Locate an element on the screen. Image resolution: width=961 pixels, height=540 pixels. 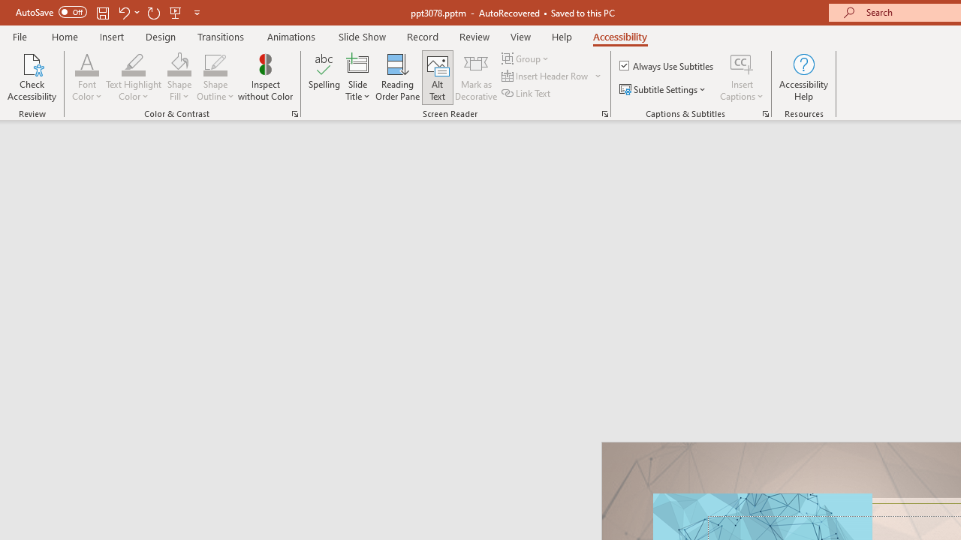
'Check Accessibility' is located at coordinates (32, 77).